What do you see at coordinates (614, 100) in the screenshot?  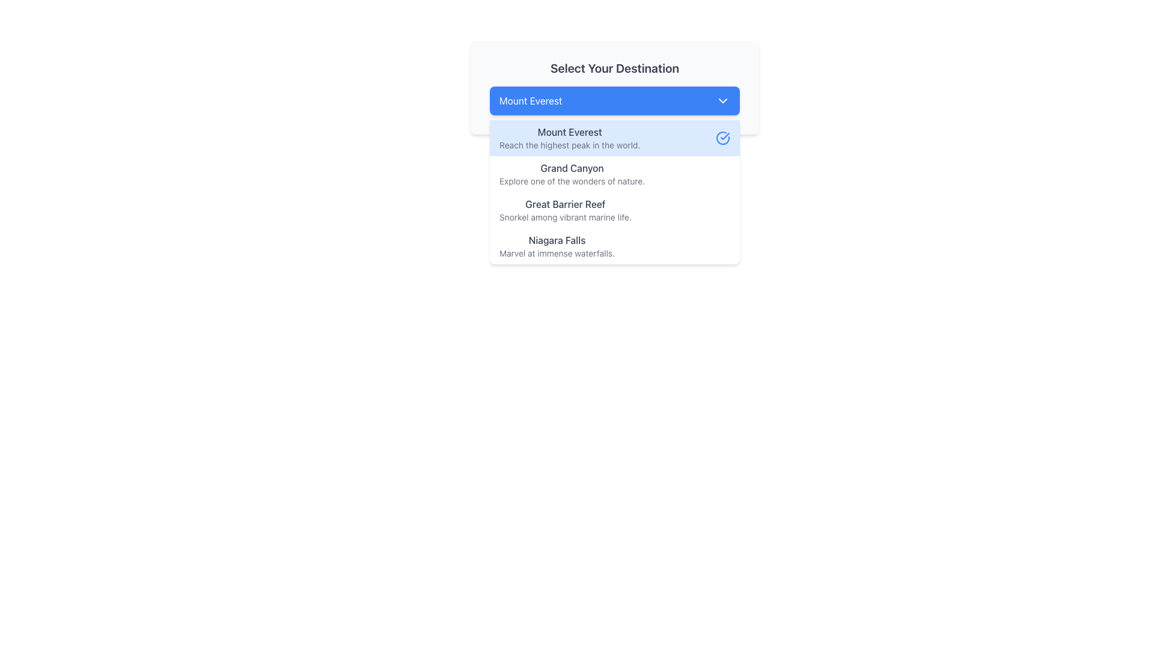 I see `the Dropdown Button labeled 'Mount Everest'` at bounding box center [614, 100].